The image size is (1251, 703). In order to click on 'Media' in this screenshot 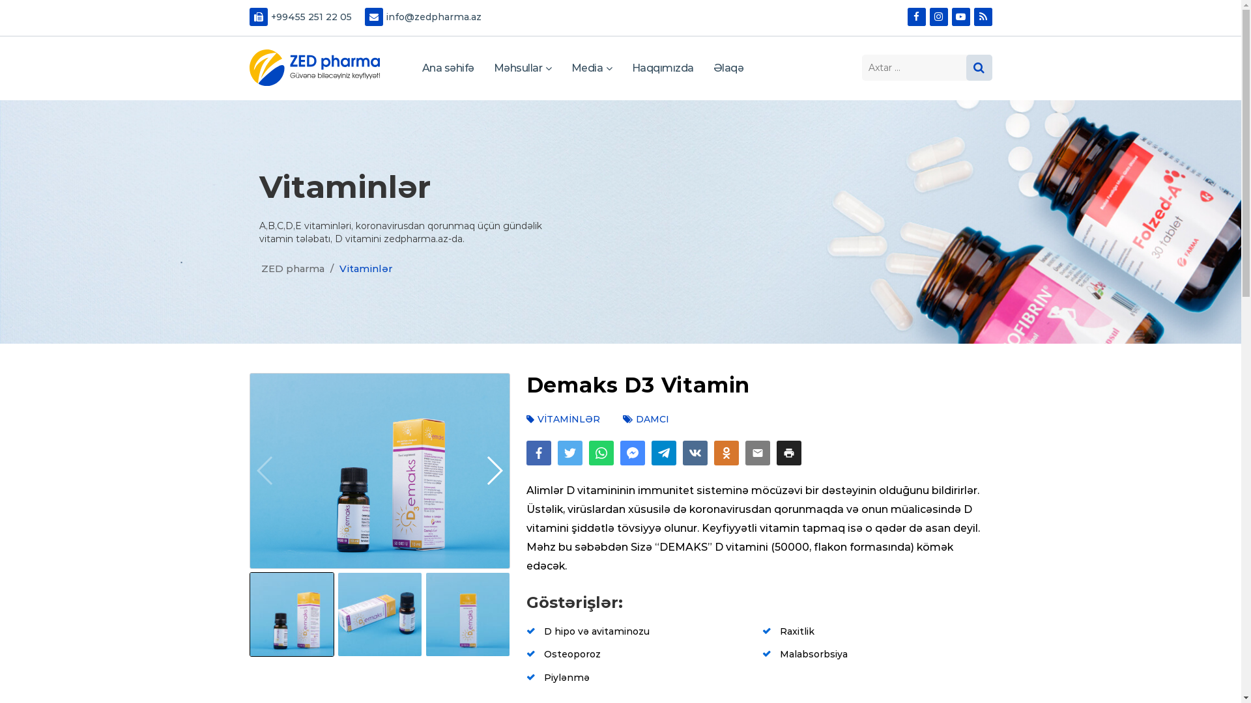, I will do `click(590, 68)`.